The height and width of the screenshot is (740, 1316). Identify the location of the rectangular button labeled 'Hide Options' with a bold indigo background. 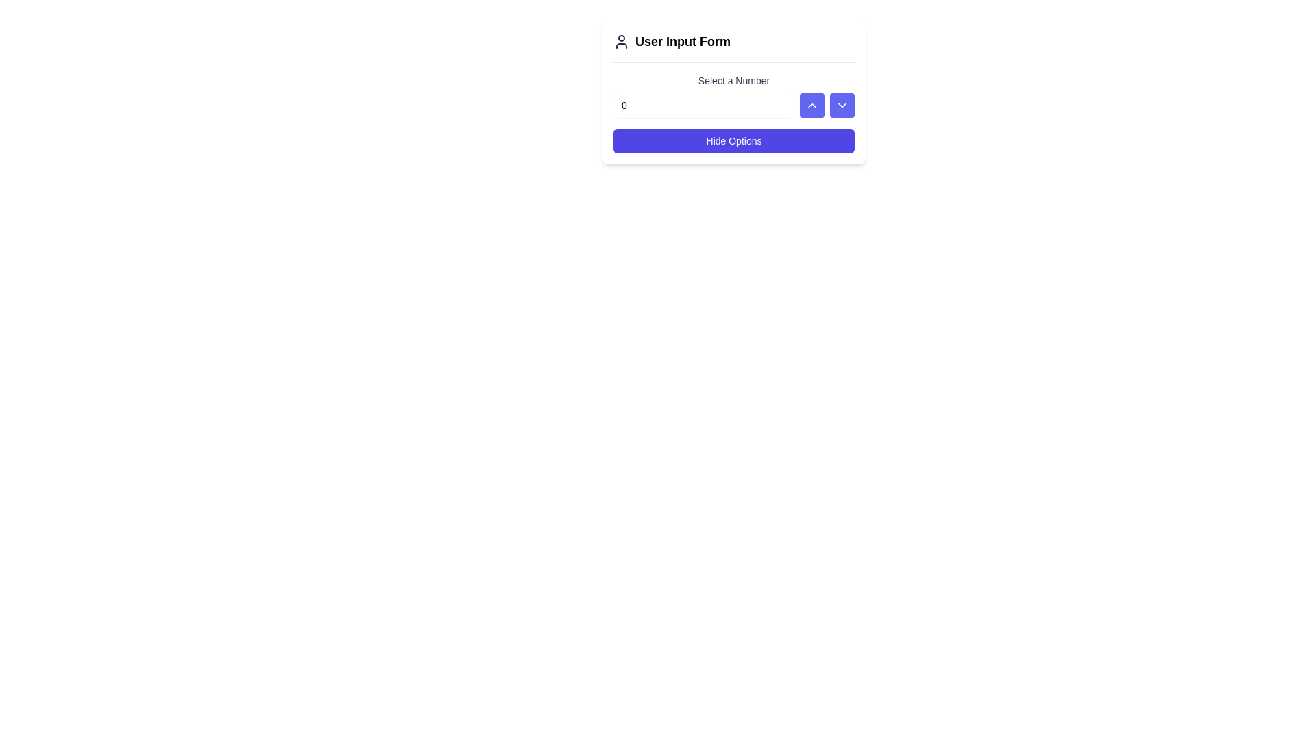
(733, 140).